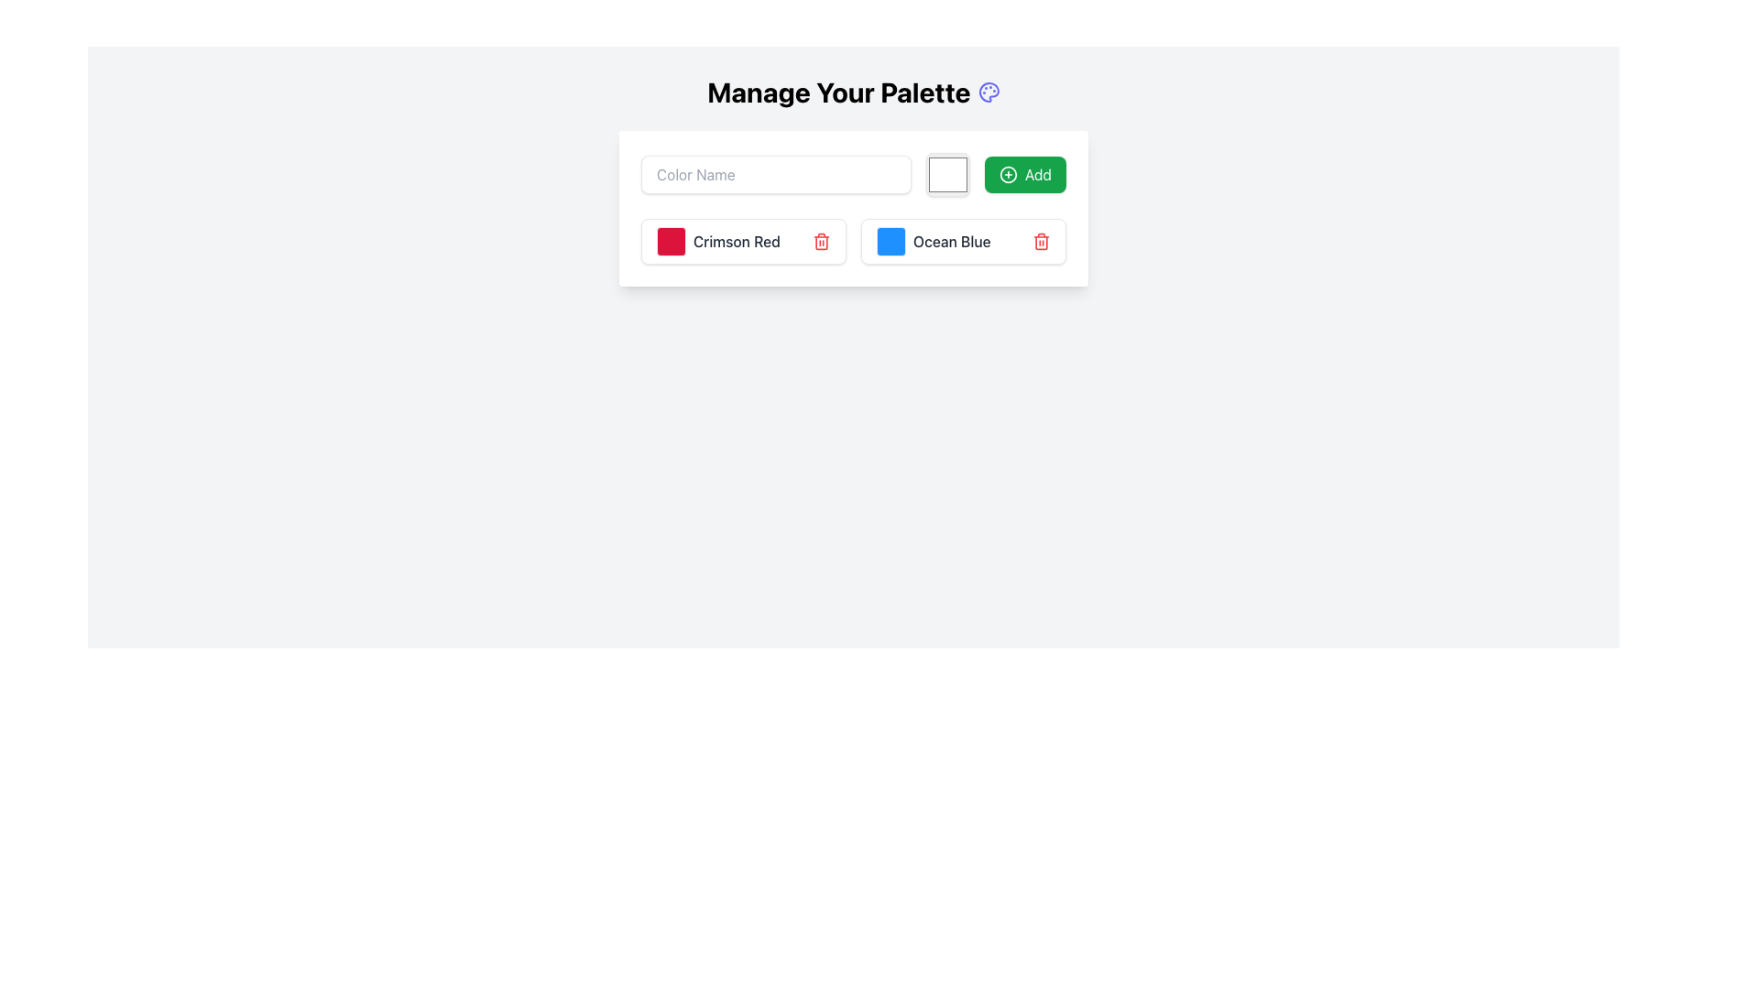  I want to click on the color option element labeled 'Ocean Blue', which is the second item in the list of color entries, featuring a color swatch on the left and text on the right, so click(934, 240).